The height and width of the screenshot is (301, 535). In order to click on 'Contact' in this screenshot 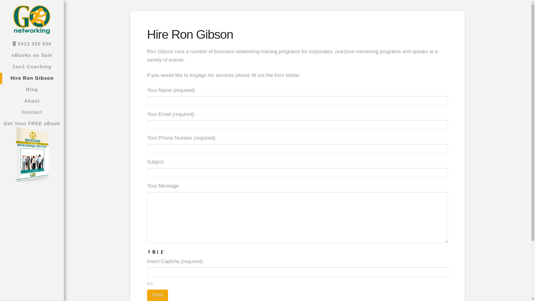, I will do `click(31, 112)`.